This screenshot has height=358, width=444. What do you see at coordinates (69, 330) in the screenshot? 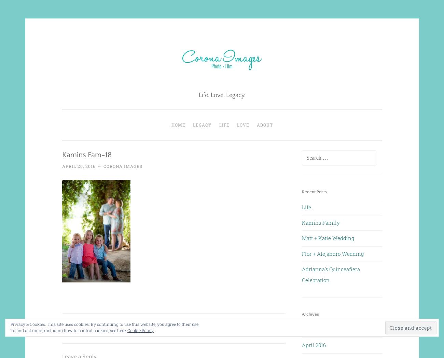
I see `'To find out more, including how to control cookies, see here:'` at bounding box center [69, 330].